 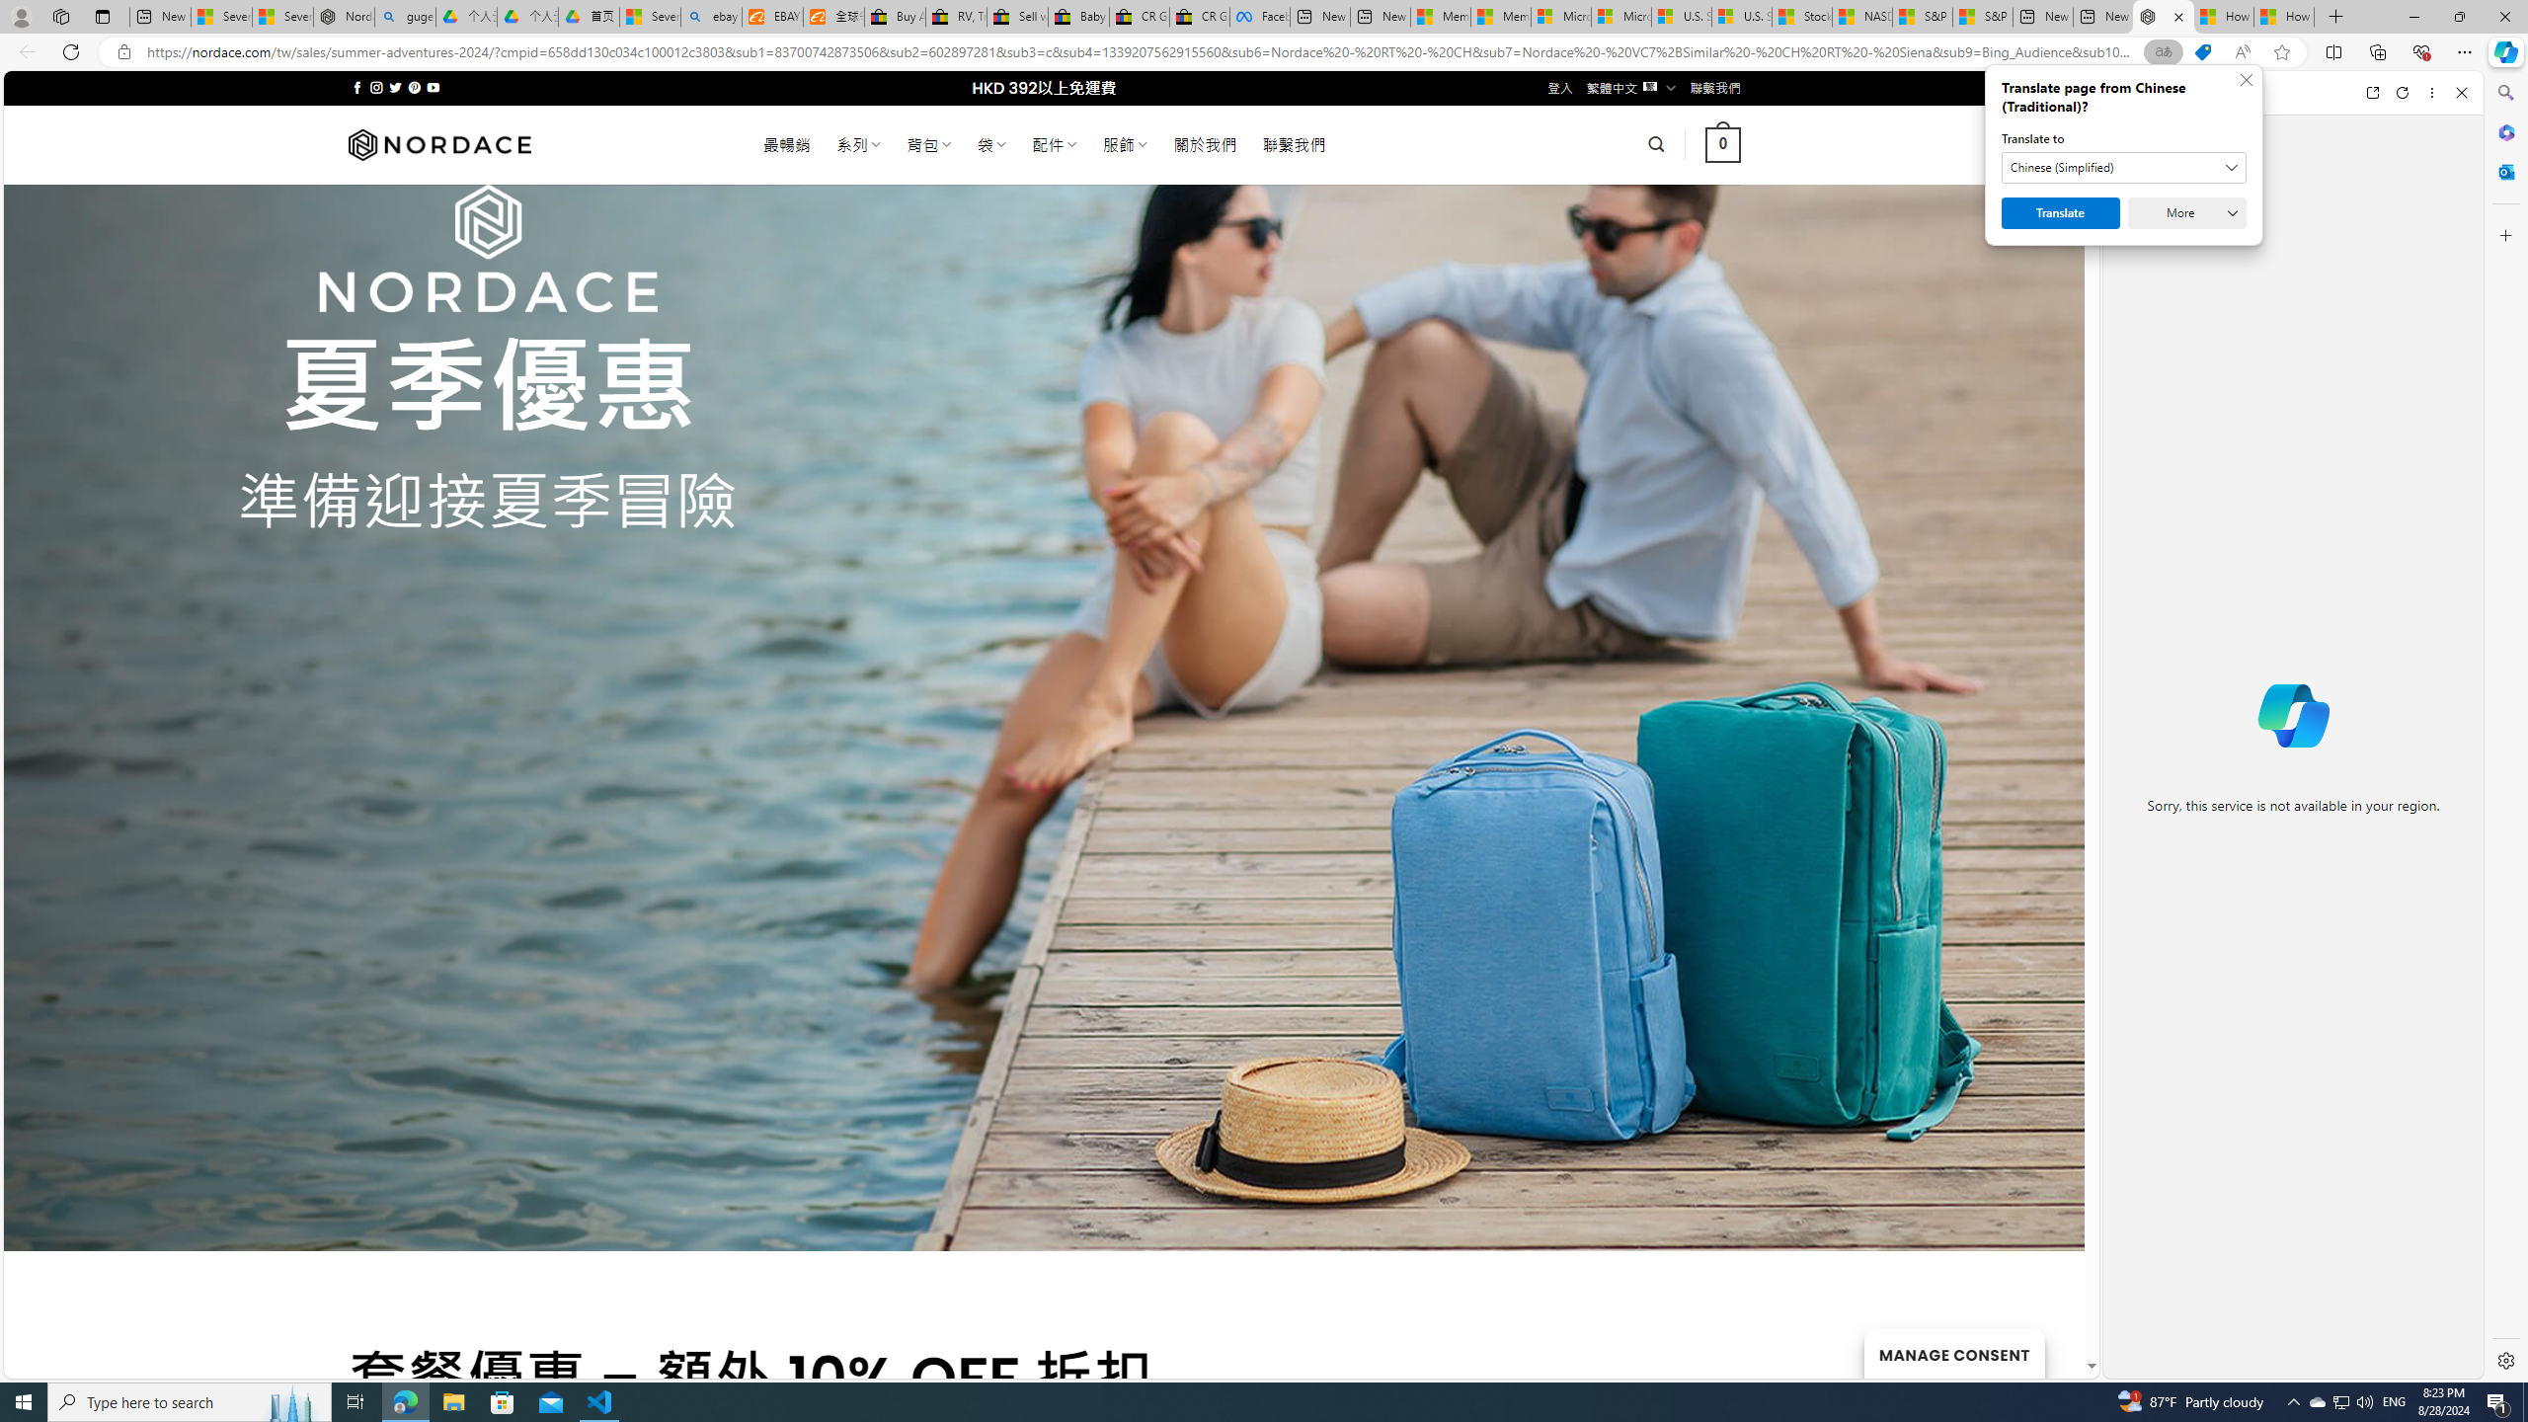 What do you see at coordinates (2163, 52) in the screenshot?
I see `'Show translate options'` at bounding box center [2163, 52].